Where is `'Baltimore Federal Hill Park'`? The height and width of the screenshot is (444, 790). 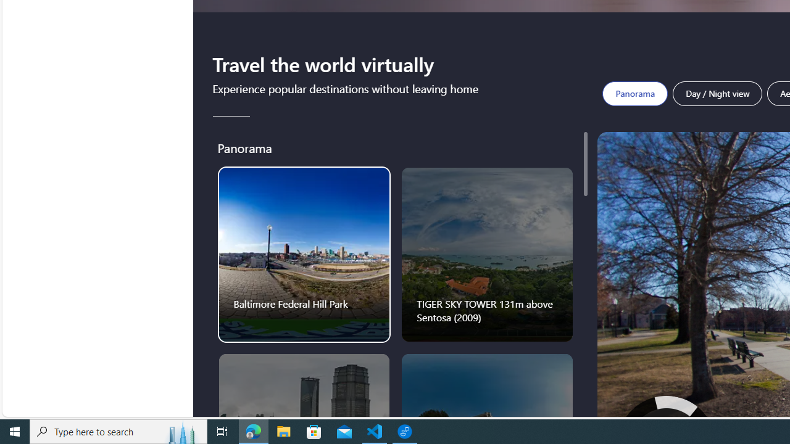
'Baltimore Federal Hill Park' is located at coordinates (304, 253).